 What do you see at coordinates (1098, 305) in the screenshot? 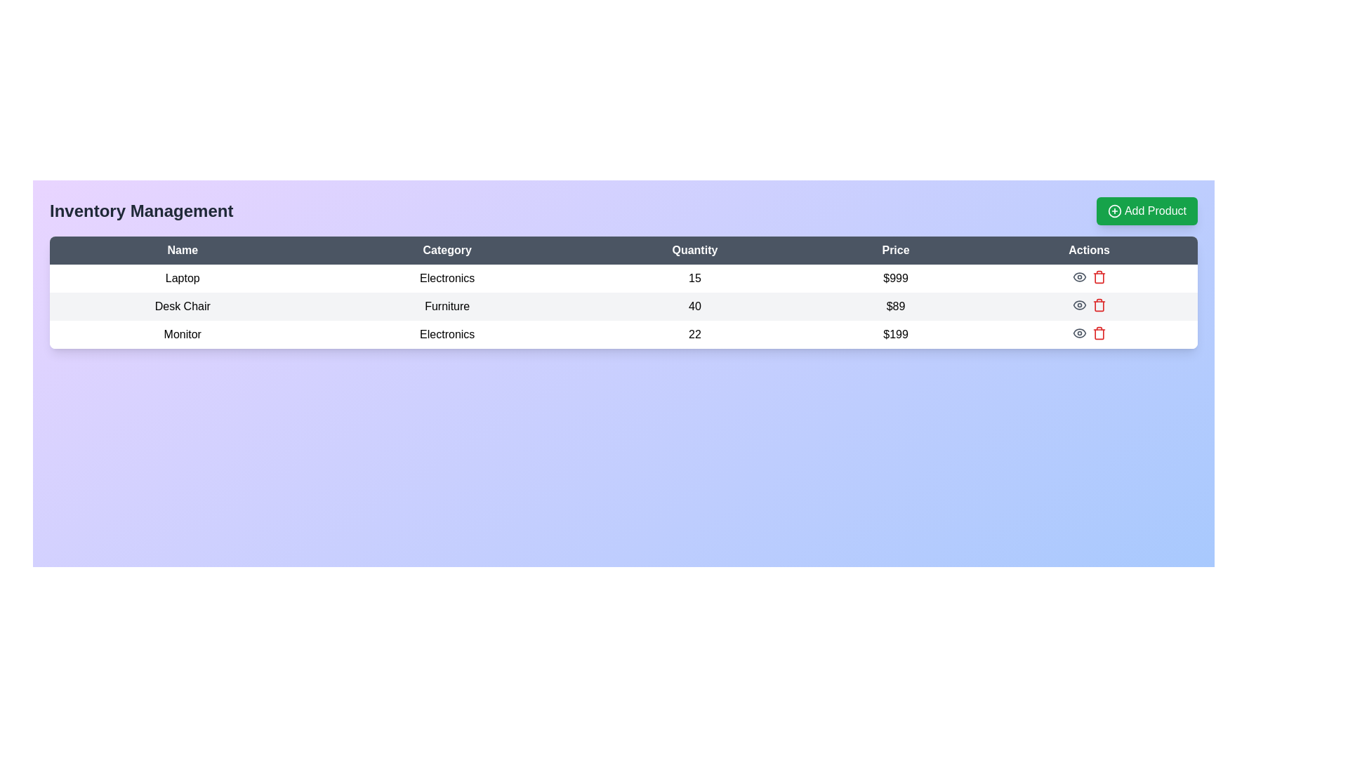
I see `the red trash can icon located in the 'Actions' column of the third row` at bounding box center [1098, 305].